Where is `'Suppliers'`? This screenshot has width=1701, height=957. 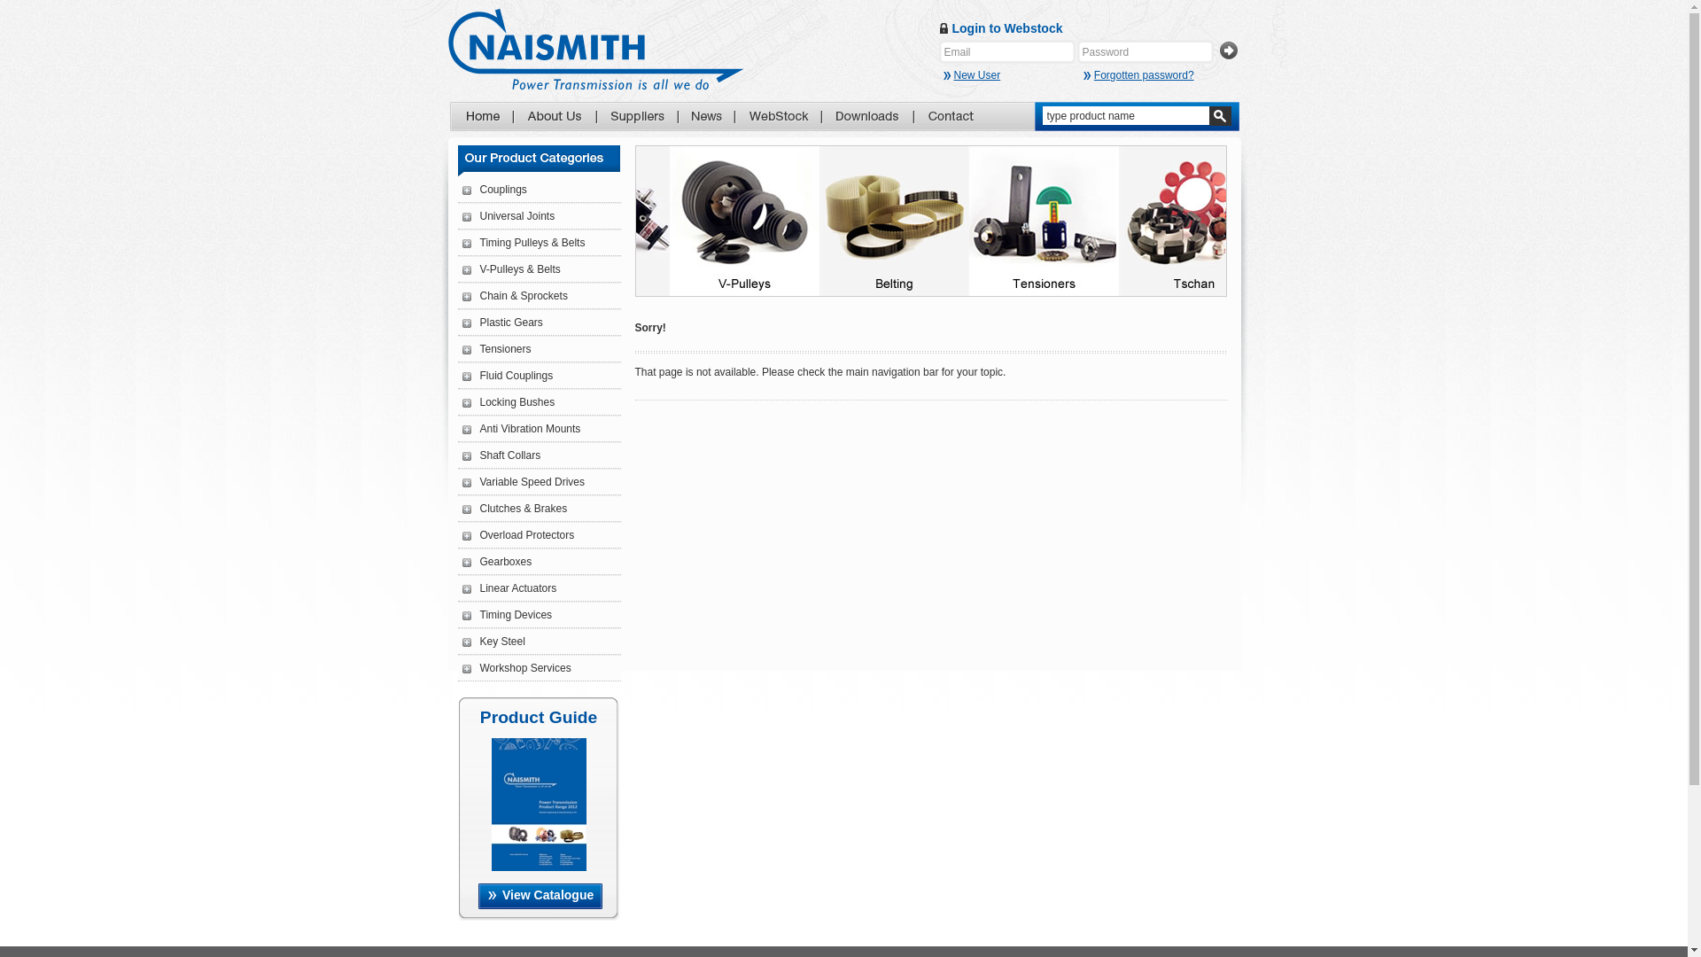 'Suppliers' is located at coordinates (637, 116).